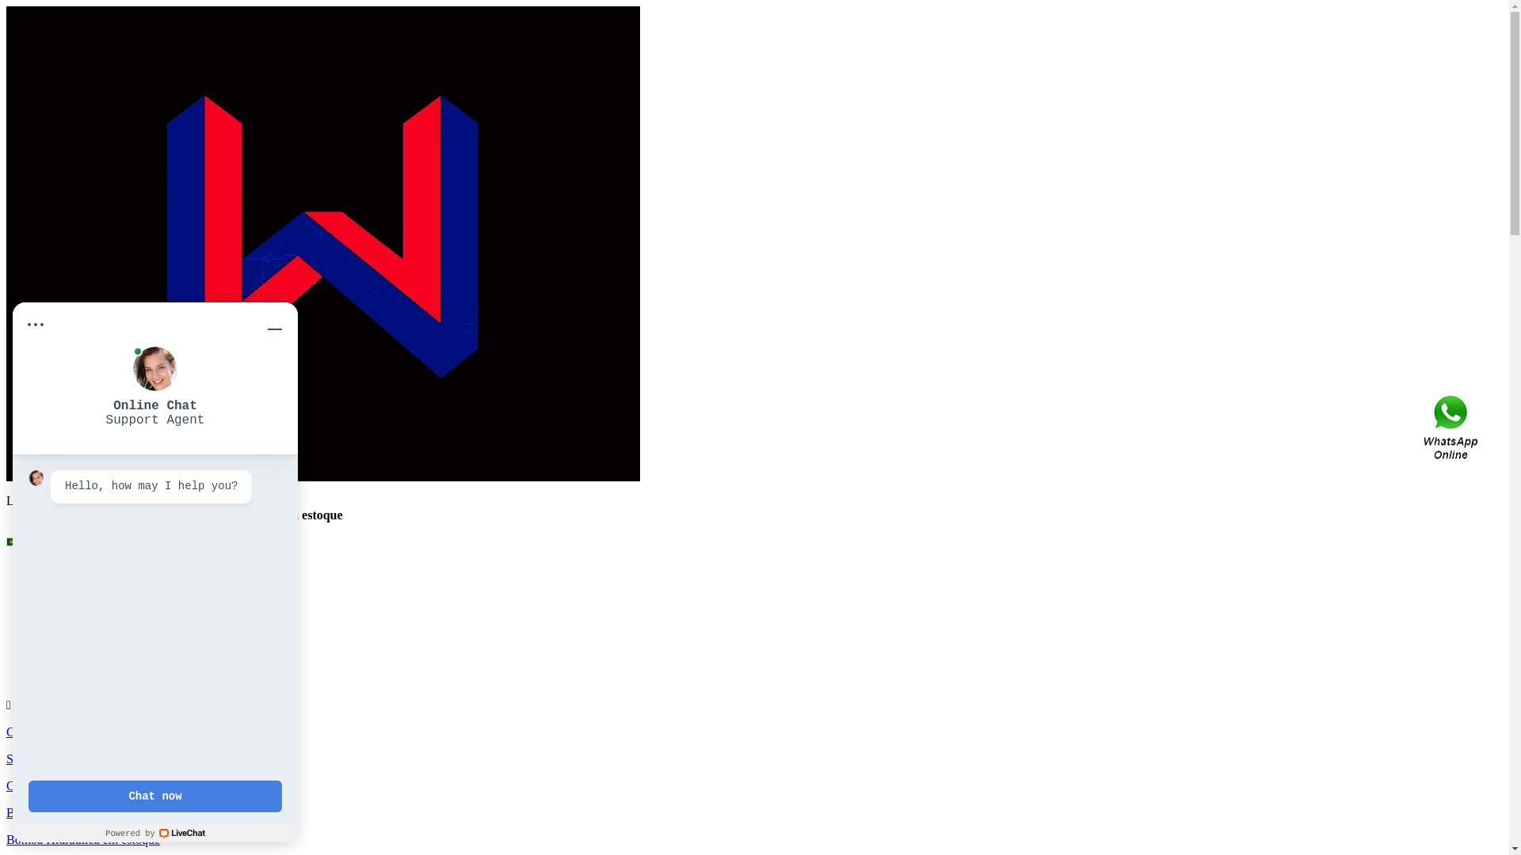 The height and width of the screenshot is (855, 1521). Describe the element at coordinates (67, 812) in the screenshot. I see `'Bombas de Engrenagem'` at that location.